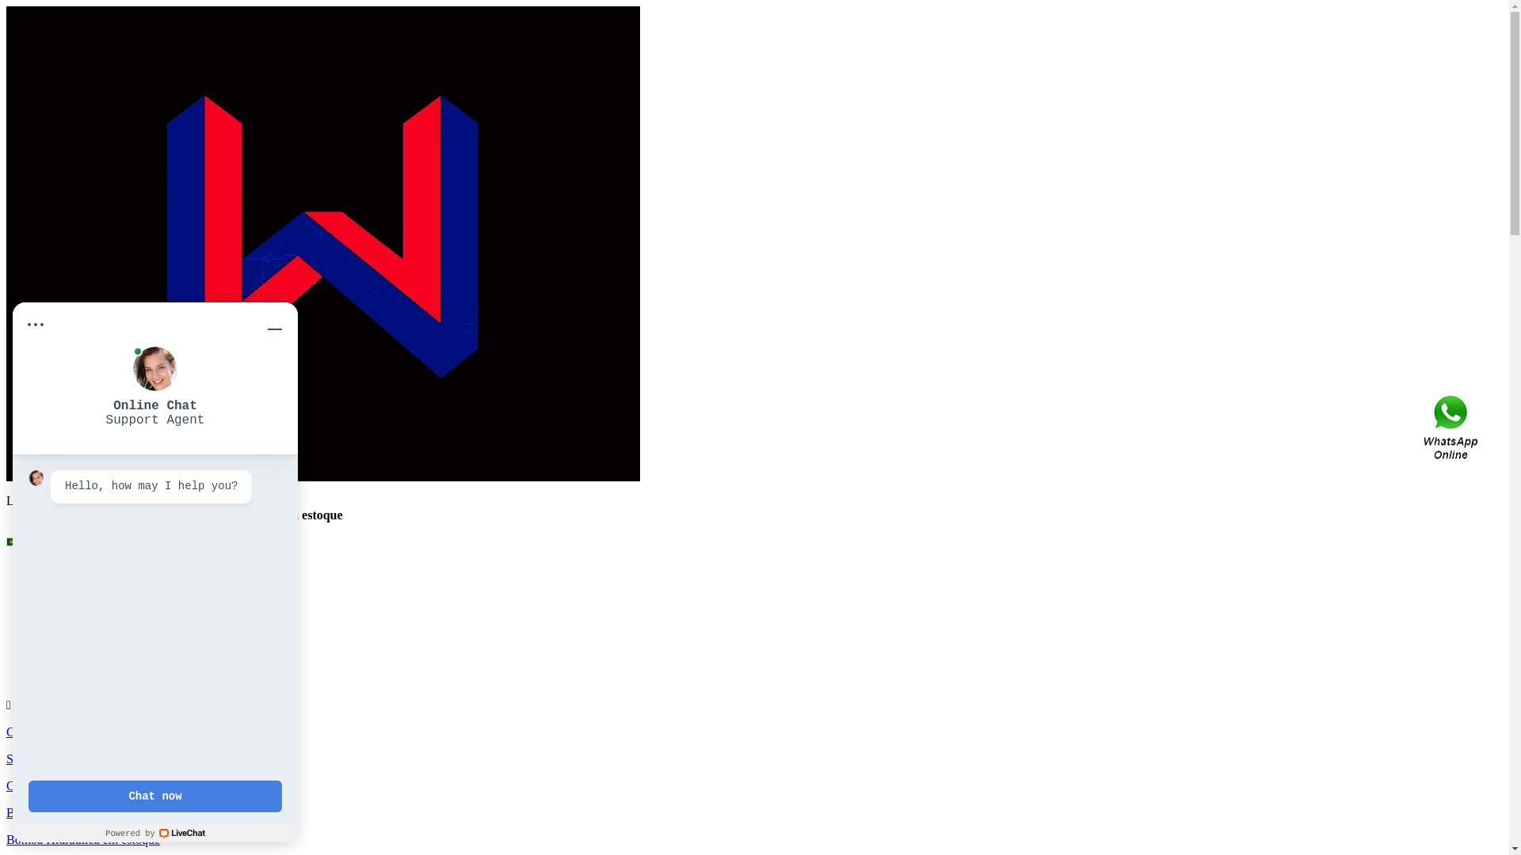 The height and width of the screenshot is (855, 1521). Describe the element at coordinates (67, 812) in the screenshot. I see `'Bombas de Engrenagem'` at that location.